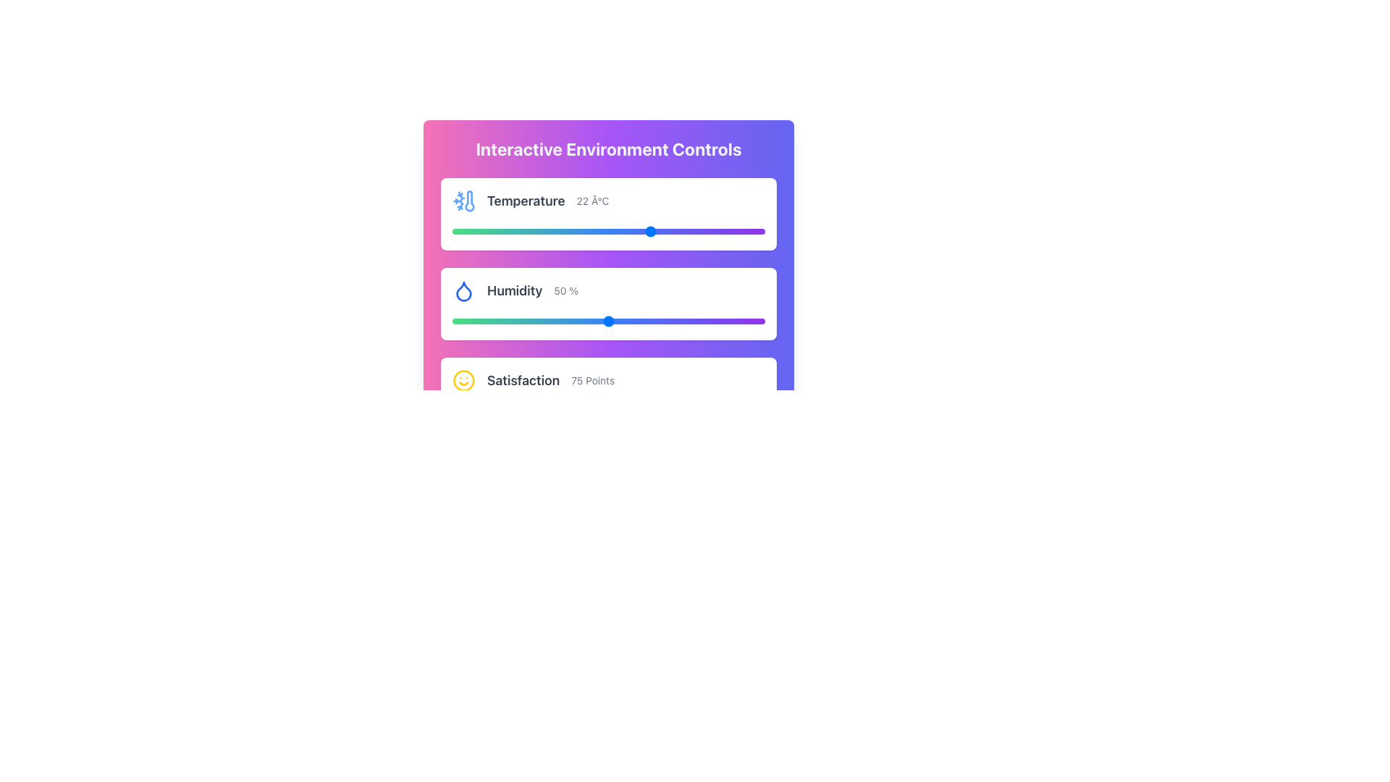 This screenshot has height=782, width=1390. Describe the element at coordinates (746, 231) in the screenshot. I see `the slider` at that location.